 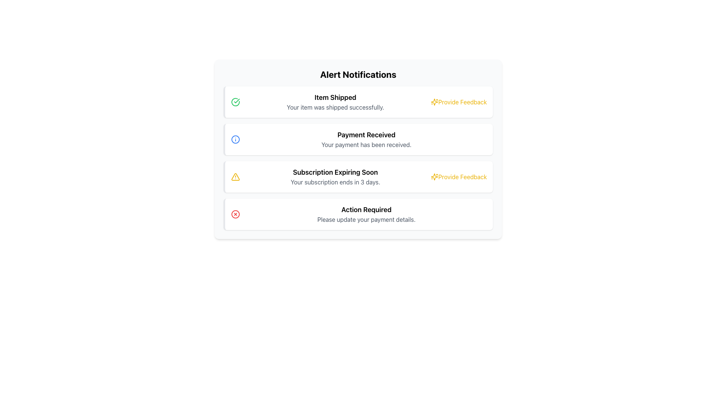 What do you see at coordinates (458, 177) in the screenshot?
I see `the 'Provide Feedback' button, which is bold, yellow, and has sparkles icon, located in the right part of the 'Subscription Expiring Soon' card` at bounding box center [458, 177].